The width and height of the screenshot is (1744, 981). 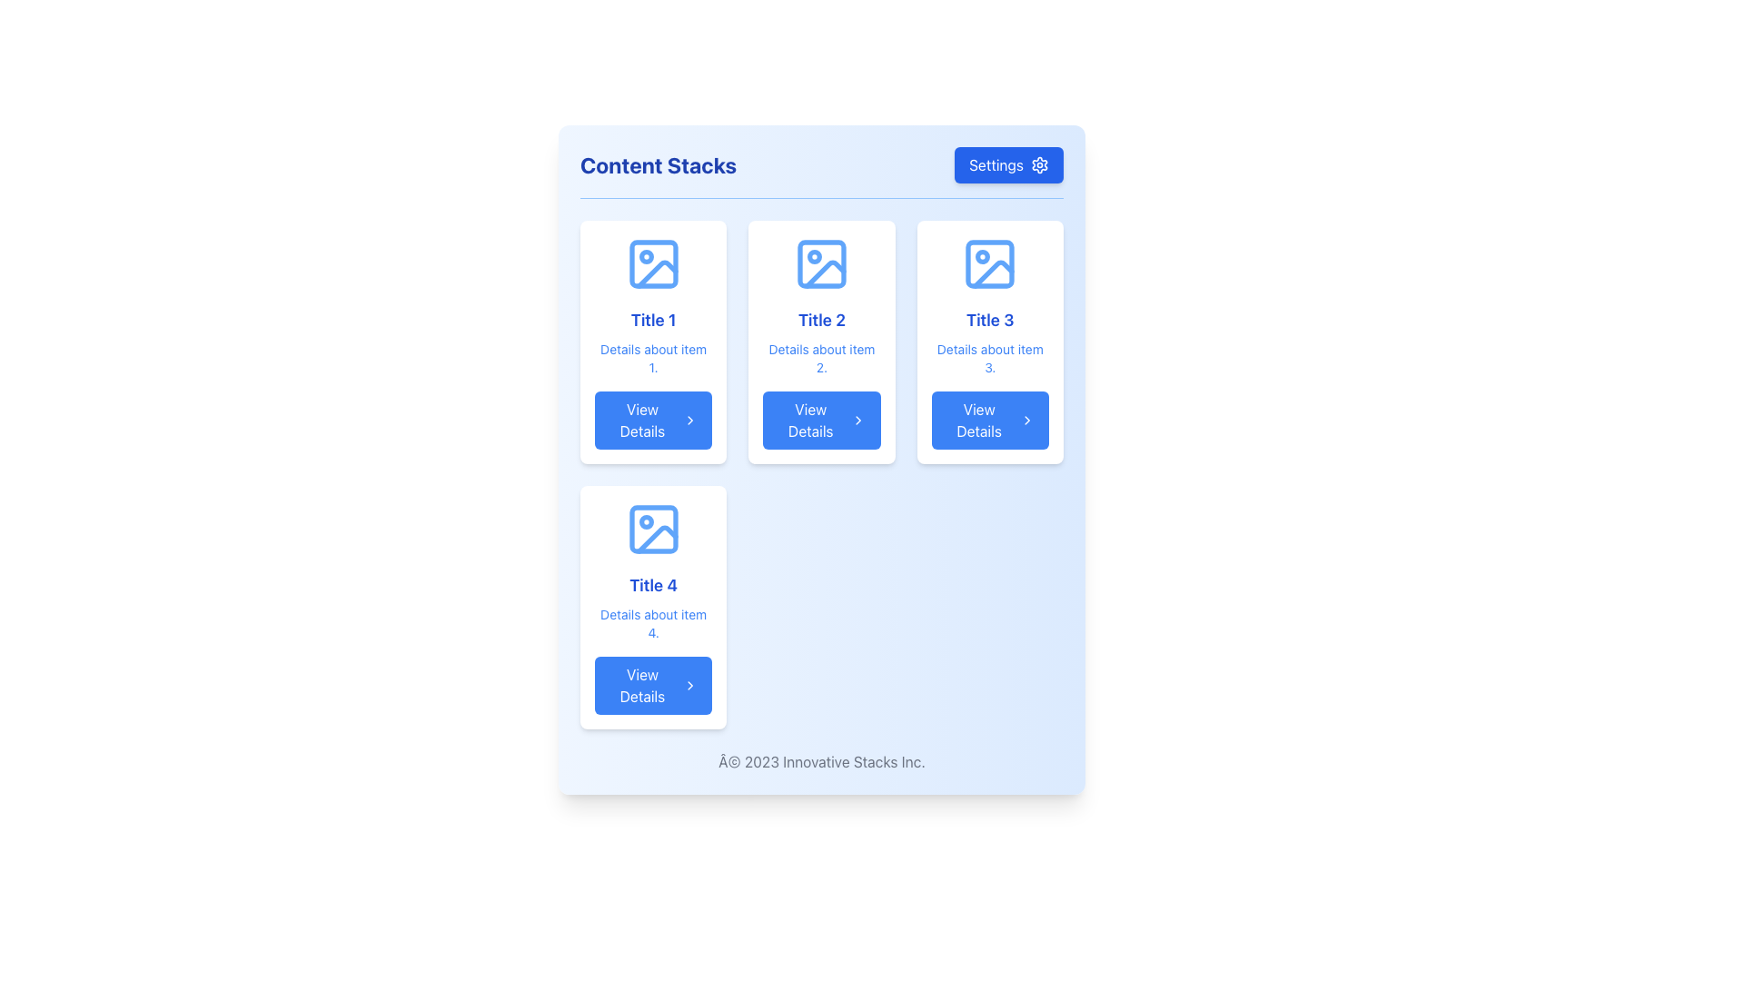 I want to click on the gear icon located to the right of the 'Settings' text label on the blue button in the top-right corner of the main content card, so click(x=1040, y=164).